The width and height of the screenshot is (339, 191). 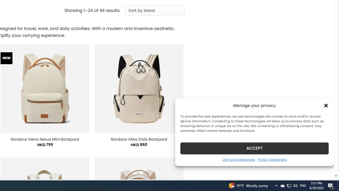 I want to click on 'Opt-out preferences', so click(x=238, y=159).